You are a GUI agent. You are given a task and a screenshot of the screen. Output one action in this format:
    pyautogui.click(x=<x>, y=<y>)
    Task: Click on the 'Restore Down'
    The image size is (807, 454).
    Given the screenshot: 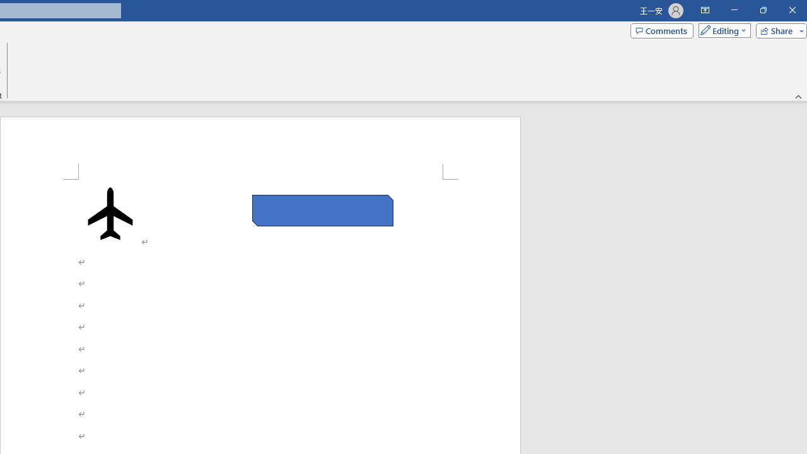 What is the action you would take?
    pyautogui.click(x=762, y=10)
    